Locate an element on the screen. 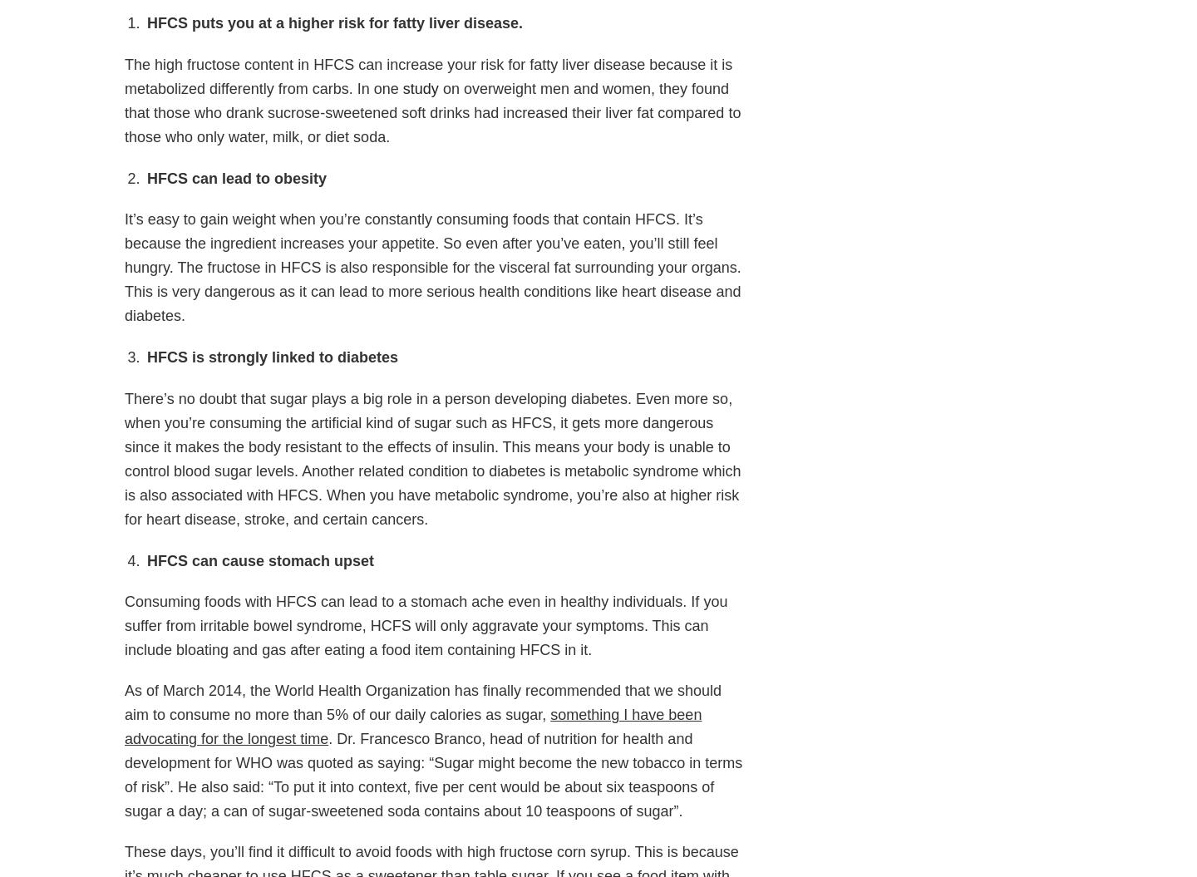  'There’s no doubt that sugar plays a big role in a person developing diabetes. Even more so, when you’re consuming the artificial kind of sugar such as HFCS, it gets more dangerous since it makes the body resistant to the effects of insulin. This means your body is unable to control blood sugar levels. Another related condition to diabetes is metabolic syndrome which is also associated with HFCS. When you have metabolic syndrome, you’re also at higher risk for heart disease, stroke, and certain cancers.' is located at coordinates (431, 457).